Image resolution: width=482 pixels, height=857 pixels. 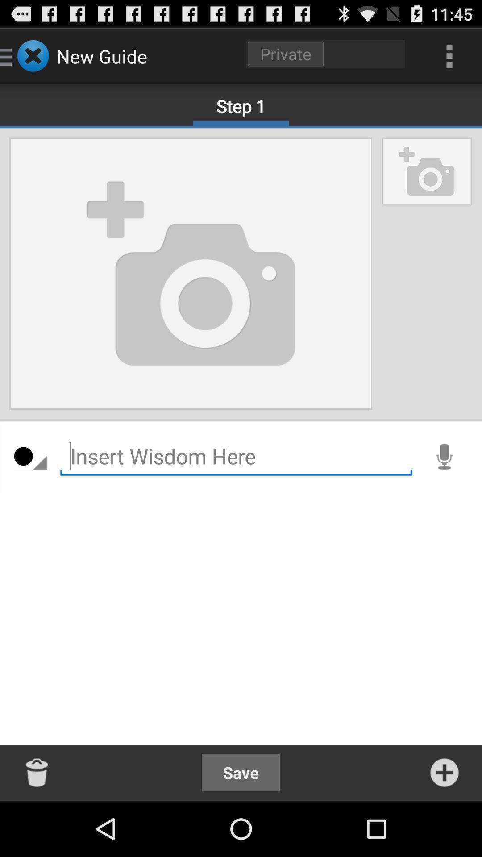 I want to click on switch private optipn, so click(x=325, y=53).